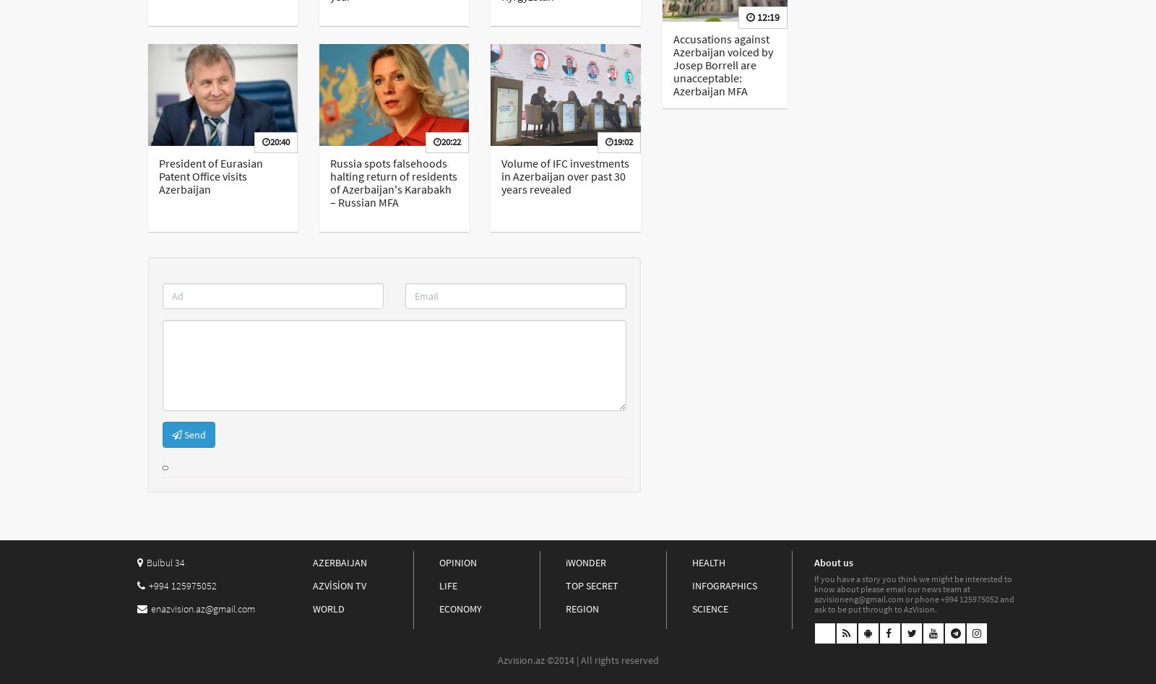 The image size is (1156, 684). Describe the element at coordinates (897, 56) in the screenshot. I see `'Azerbaijan President: We hope for soonest de-escalation of tension in Gaza'` at that location.